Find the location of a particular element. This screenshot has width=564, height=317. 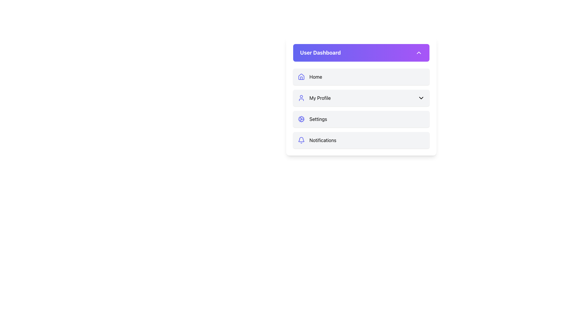

the text link under 'User Dashboard' that directs users to their profile section for tooltip or highlight effect is located at coordinates (320, 98).